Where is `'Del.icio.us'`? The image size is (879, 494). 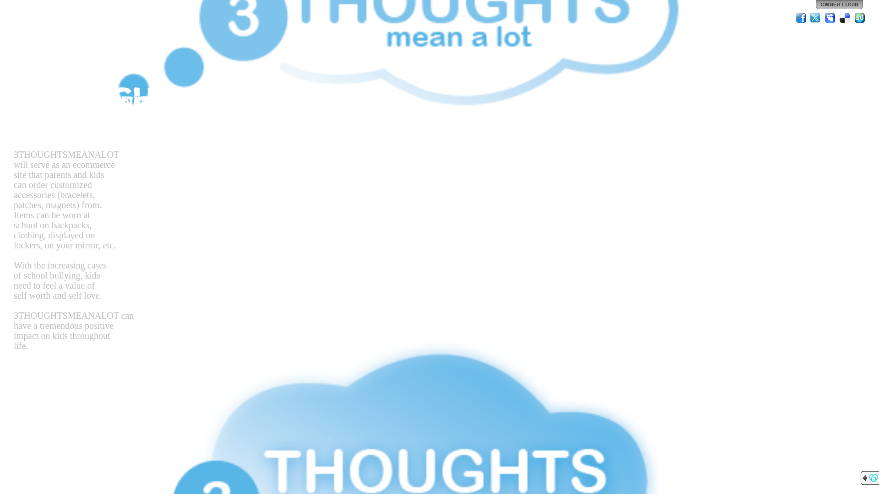
'Del.icio.us' is located at coordinates (845, 17).